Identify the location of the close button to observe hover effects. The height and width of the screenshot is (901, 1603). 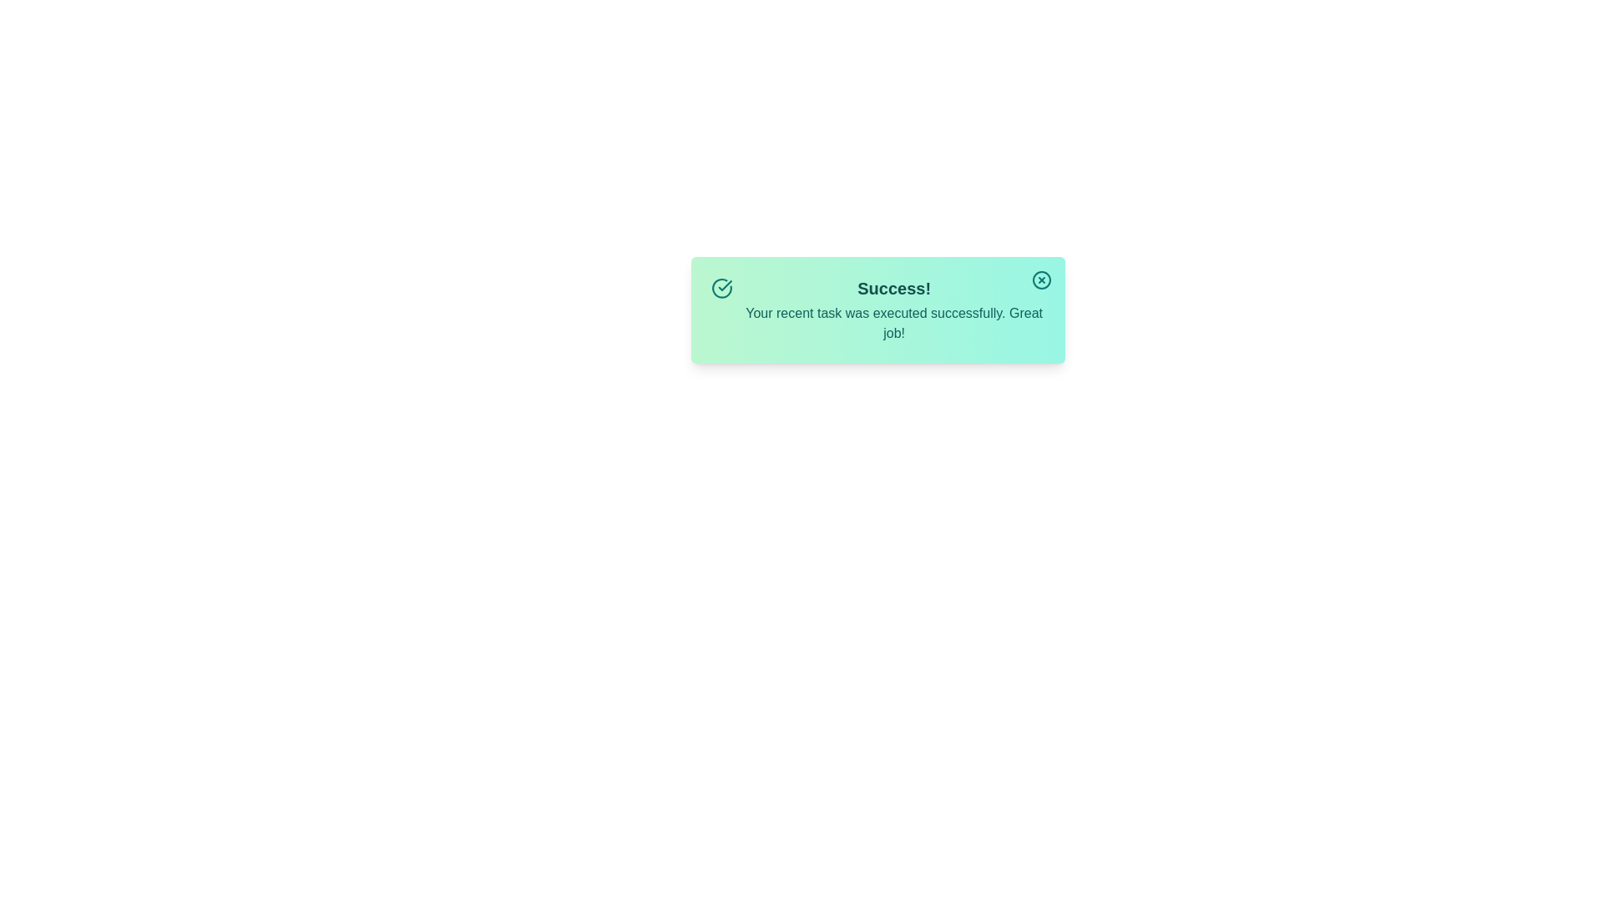
(1041, 279).